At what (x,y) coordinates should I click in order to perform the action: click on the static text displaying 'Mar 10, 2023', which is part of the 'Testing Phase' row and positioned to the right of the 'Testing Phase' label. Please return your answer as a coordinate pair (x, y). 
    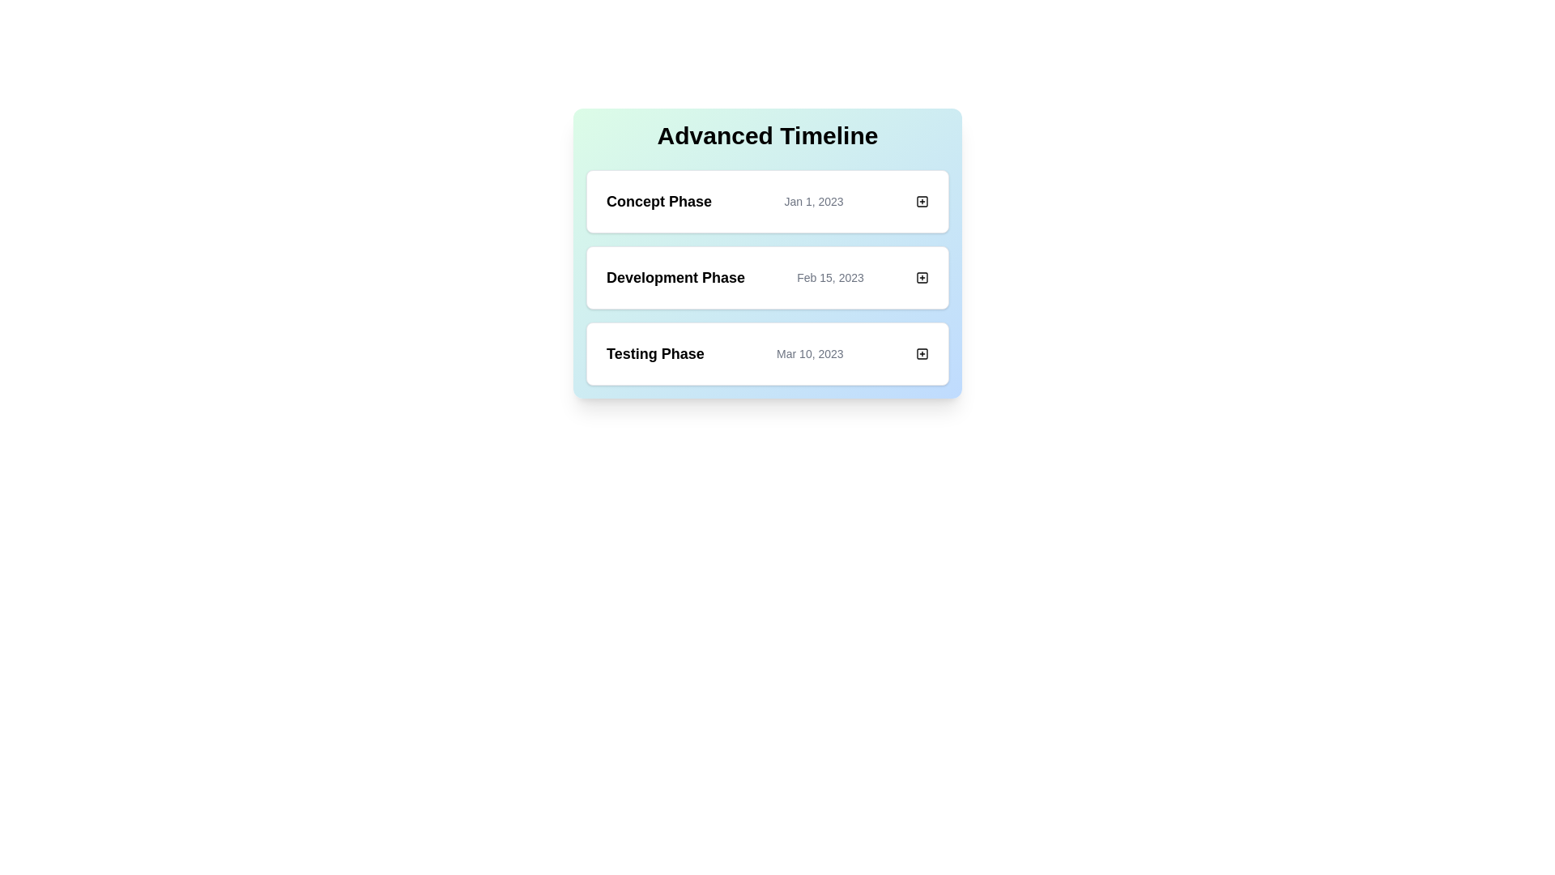
    Looking at the image, I should click on (810, 352).